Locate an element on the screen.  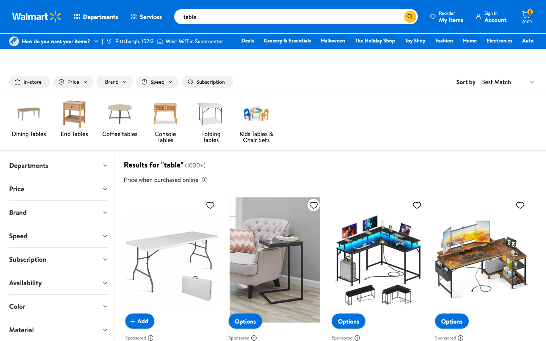
three tables to the shopping bag is located at coordinates (139, 321).